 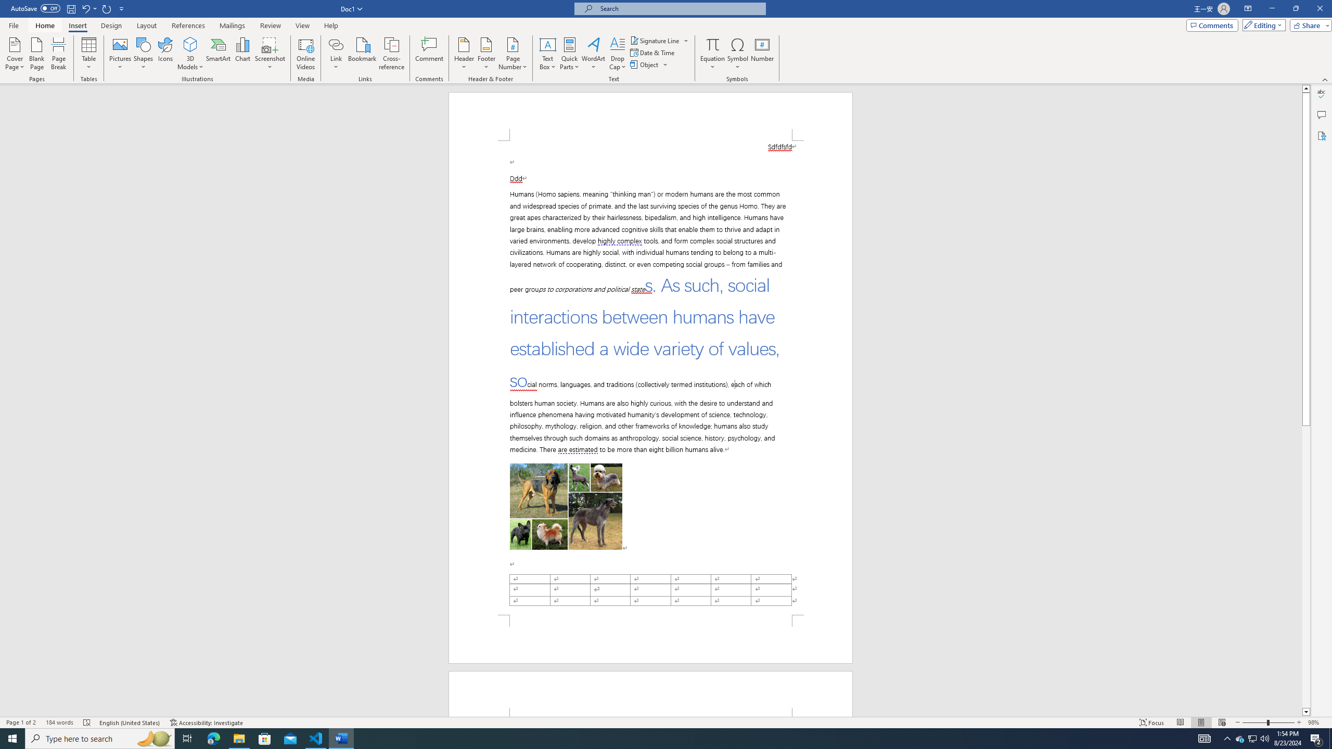 What do you see at coordinates (762, 54) in the screenshot?
I see `'Number...'` at bounding box center [762, 54].